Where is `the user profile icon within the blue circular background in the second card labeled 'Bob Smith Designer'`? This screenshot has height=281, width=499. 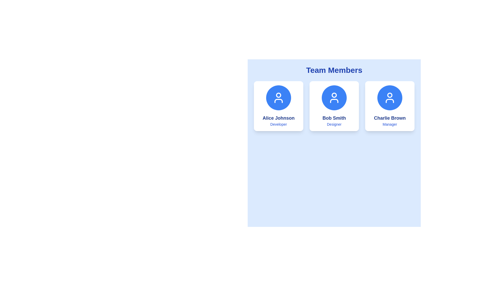
the user profile icon within the blue circular background in the second card labeled 'Bob Smith Designer' is located at coordinates (334, 98).